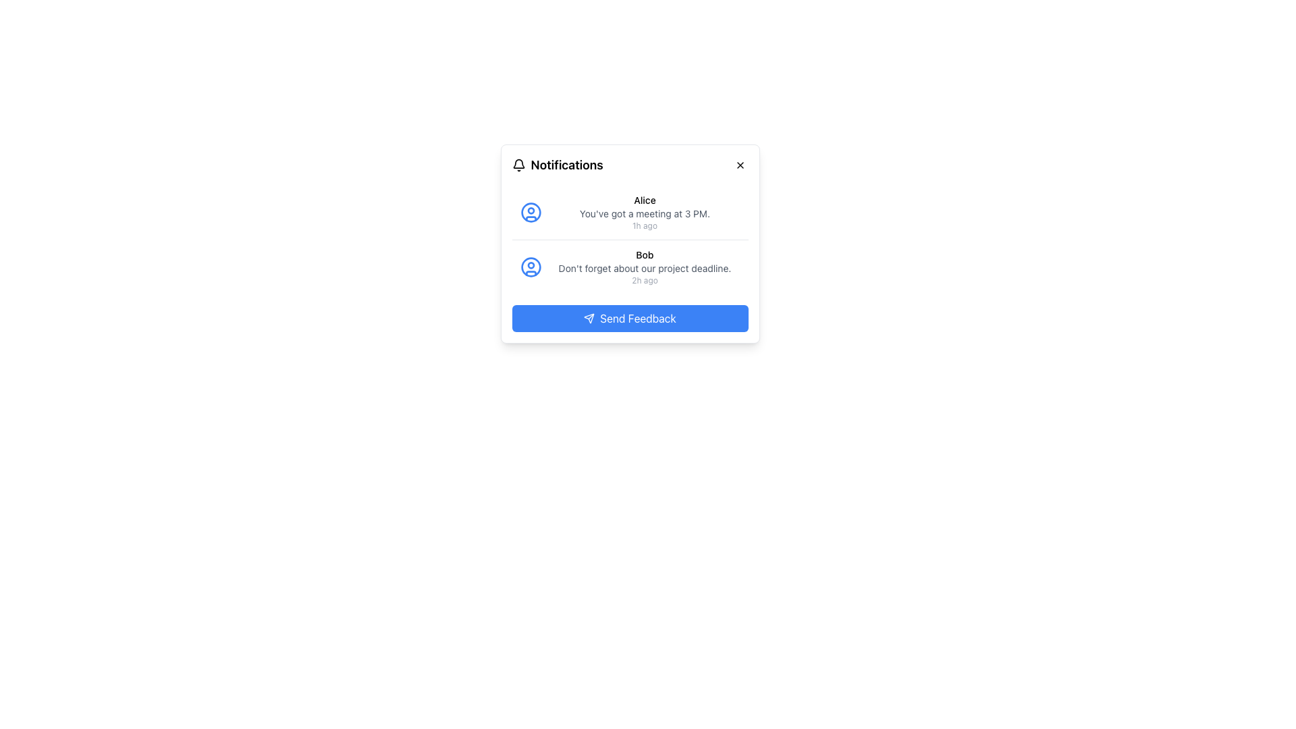 Image resolution: width=1296 pixels, height=729 pixels. I want to click on the first notification item displaying 'Alice' with the message 'You've got a meeting at 3 PM.', so click(629, 213).